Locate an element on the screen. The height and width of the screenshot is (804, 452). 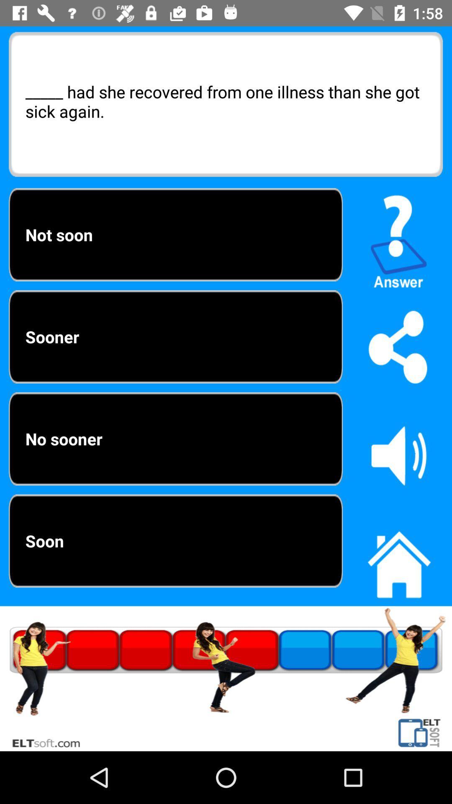
hint is located at coordinates (398, 237).